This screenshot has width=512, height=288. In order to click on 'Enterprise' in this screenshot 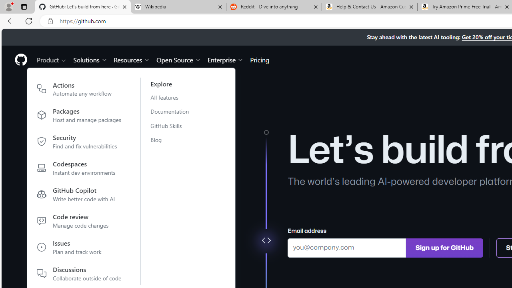, I will do `click(225, 59)`.